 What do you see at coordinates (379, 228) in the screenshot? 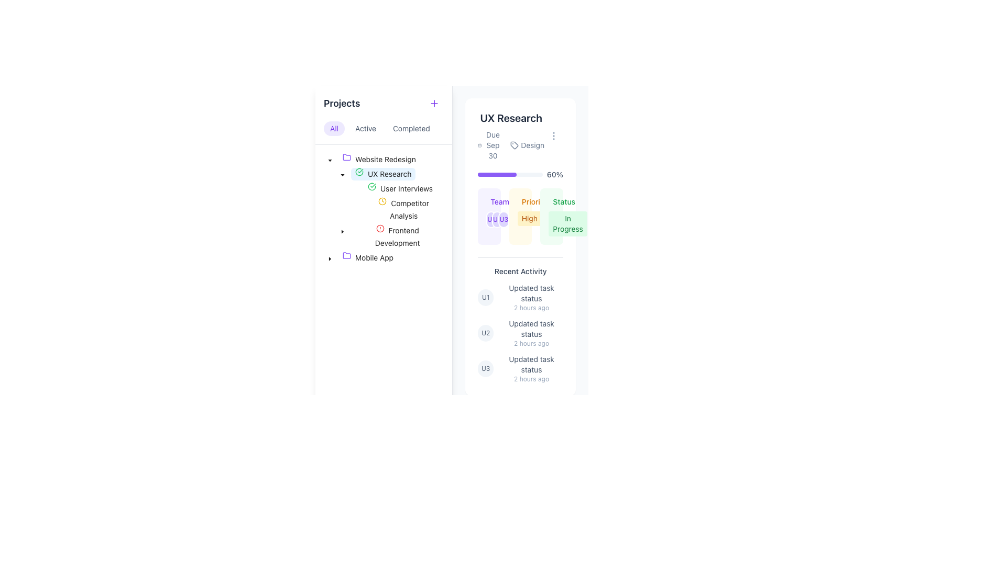
I see `the Alert icon representing notifications within the 'UX Research' tree structure, adjacent to 'User Interviews' and 'Competitor Analysis'` at bounding box center [379, 228].